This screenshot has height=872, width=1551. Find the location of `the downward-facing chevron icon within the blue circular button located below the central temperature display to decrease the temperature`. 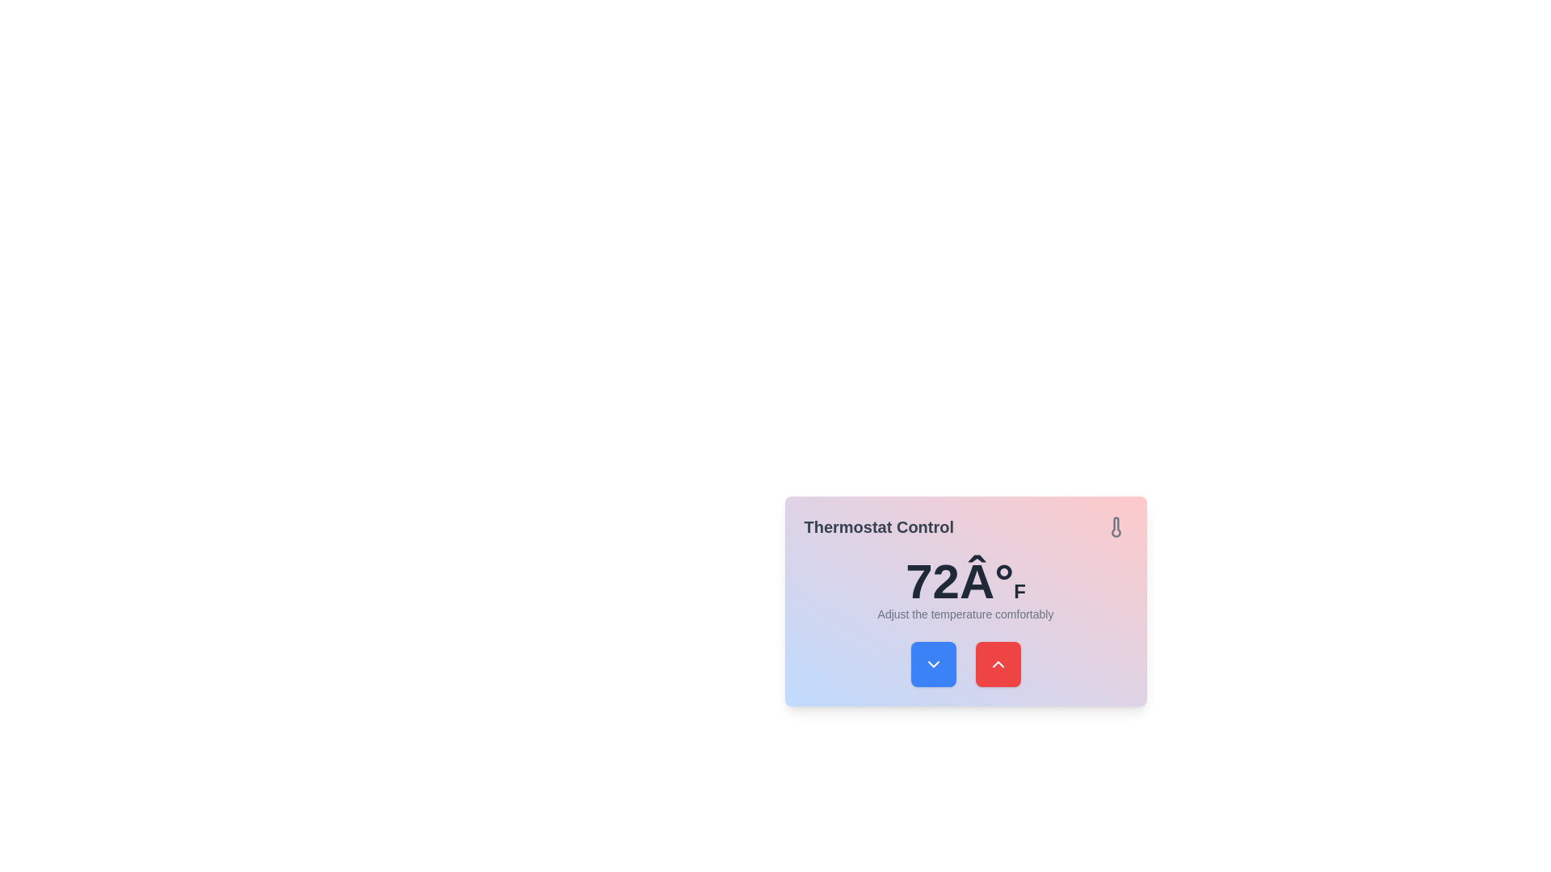

the downward-facing chevron icon within the blue circular button located below the central temperature display to decrease the temperature is located at coordinates (933, 664).